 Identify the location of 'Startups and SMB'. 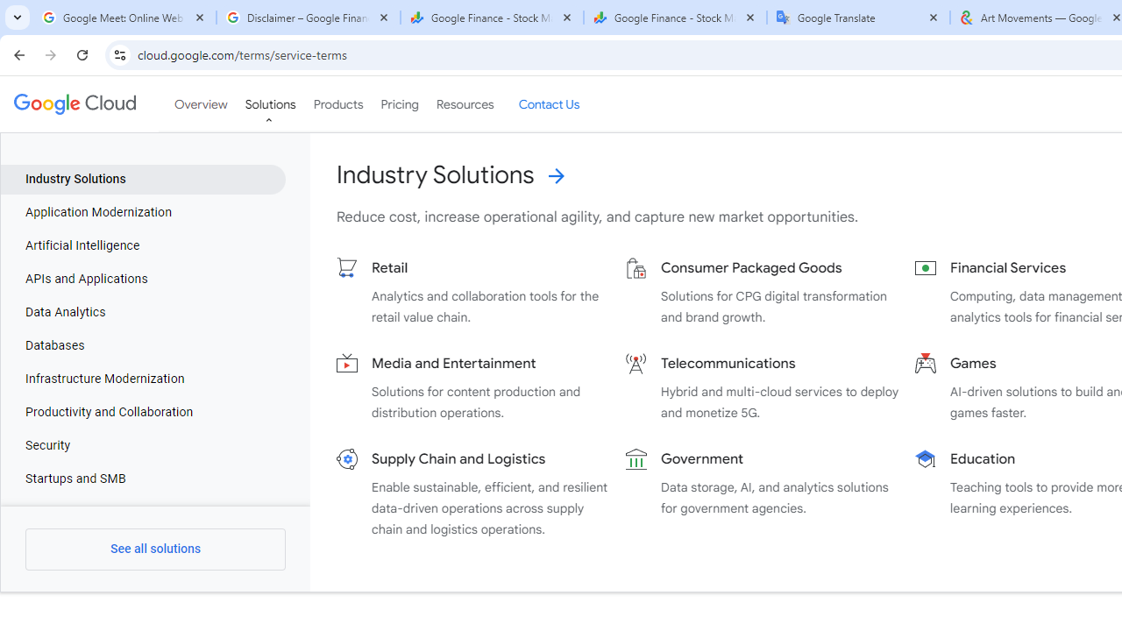
(143, 479).